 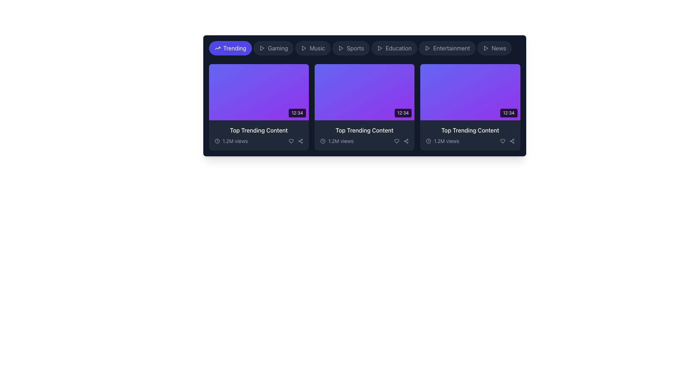 What do you see at coordinates (231, 141) in the screenshot?
I see `the static informational display element that reads '1.2M views' located in the bottom-left corner of the first content card` at bounding box center [231, 141].